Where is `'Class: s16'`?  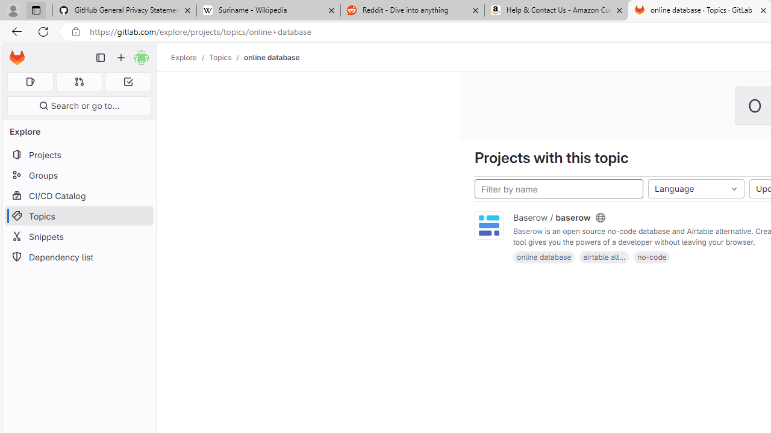
'Class: s16' is located at coordinates (600, 218).